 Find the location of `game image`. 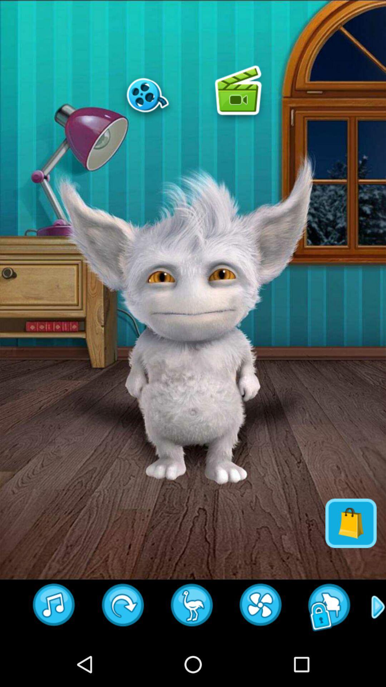

game image is located at coordinates (238, 94).